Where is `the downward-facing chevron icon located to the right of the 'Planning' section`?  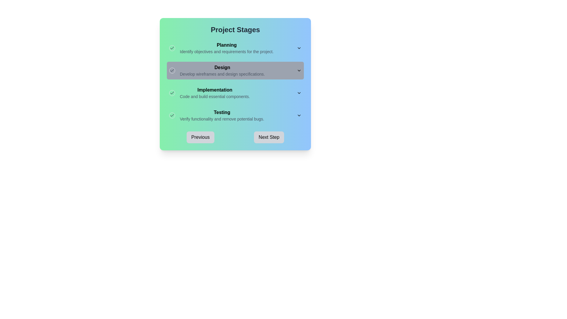
the downward-facing chevron icon located to the right of the 'Planning' section is located at coordinates (299, 48).